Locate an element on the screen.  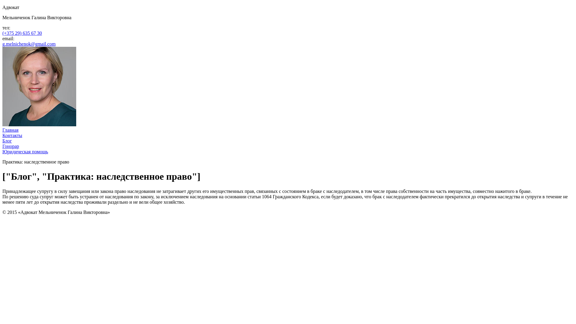
'g.melnichenok@gmail.com' is located at coordinates (28, 43).